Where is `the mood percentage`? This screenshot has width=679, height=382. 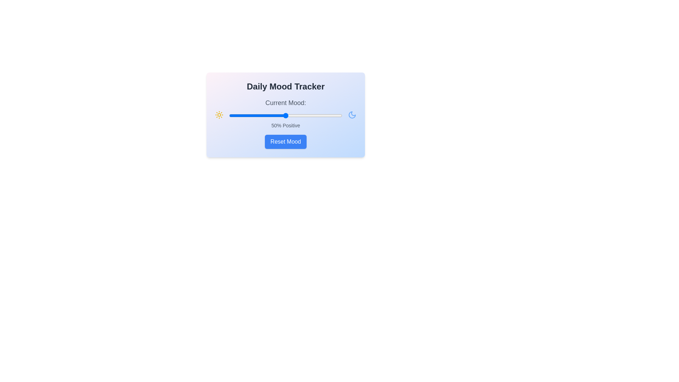 the mood percentage is located at coordinates (301, 115).